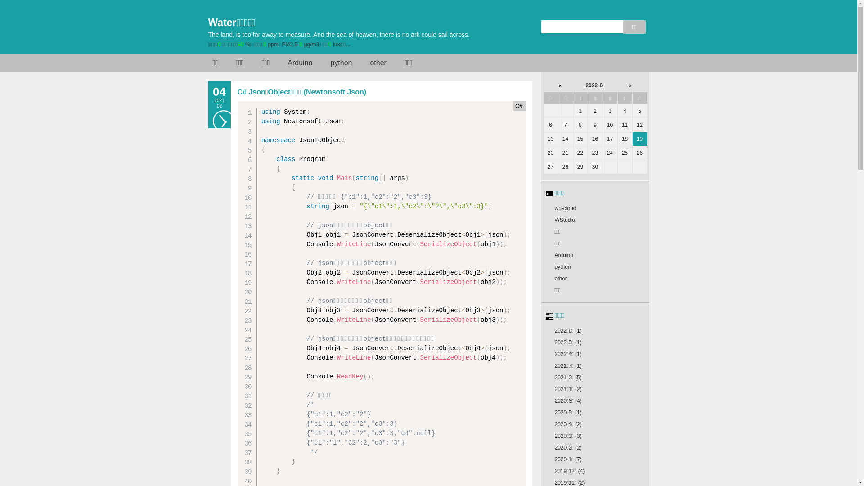 This screenshot has width=864, height=486. I want to click on 'other', so click(378, 62).